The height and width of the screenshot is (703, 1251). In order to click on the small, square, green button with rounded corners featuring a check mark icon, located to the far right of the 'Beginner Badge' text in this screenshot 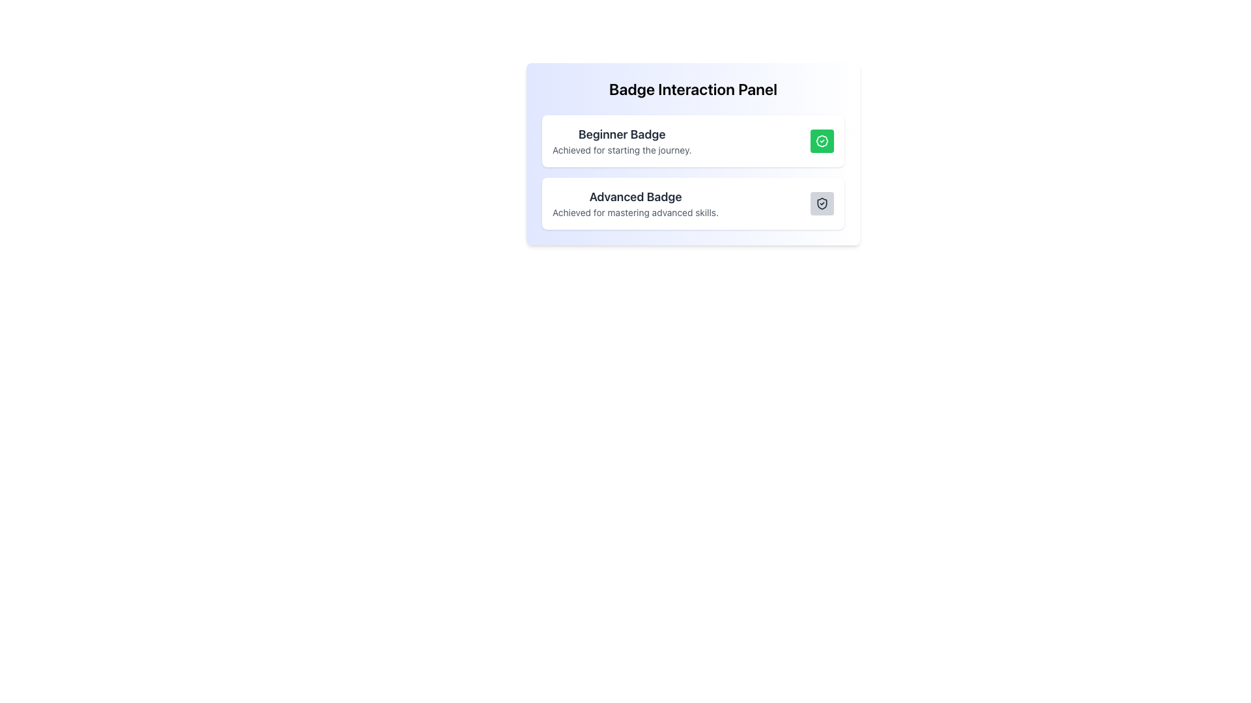, I will do `click(822, 141)`.